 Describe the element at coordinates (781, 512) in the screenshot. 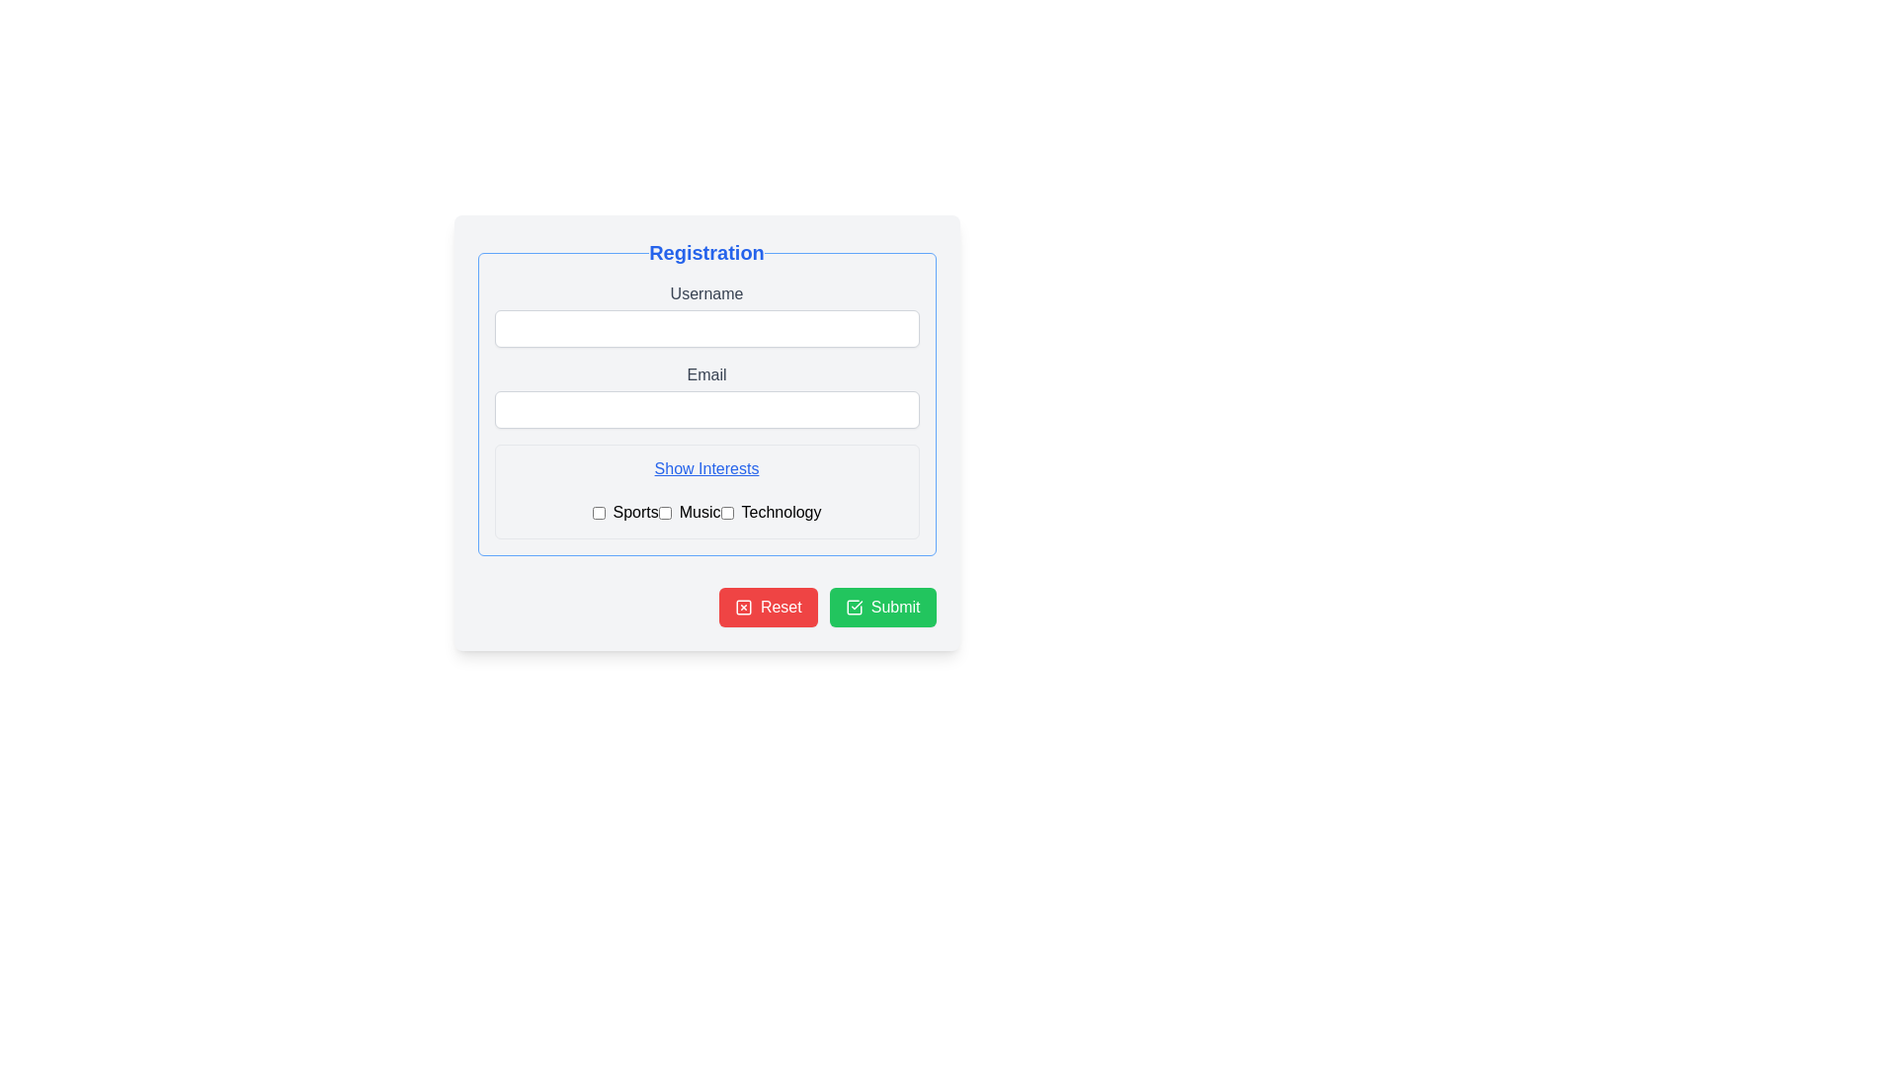

I see `the label that describes the functionality of the adjacent 'Technology' checkbox` at that location.